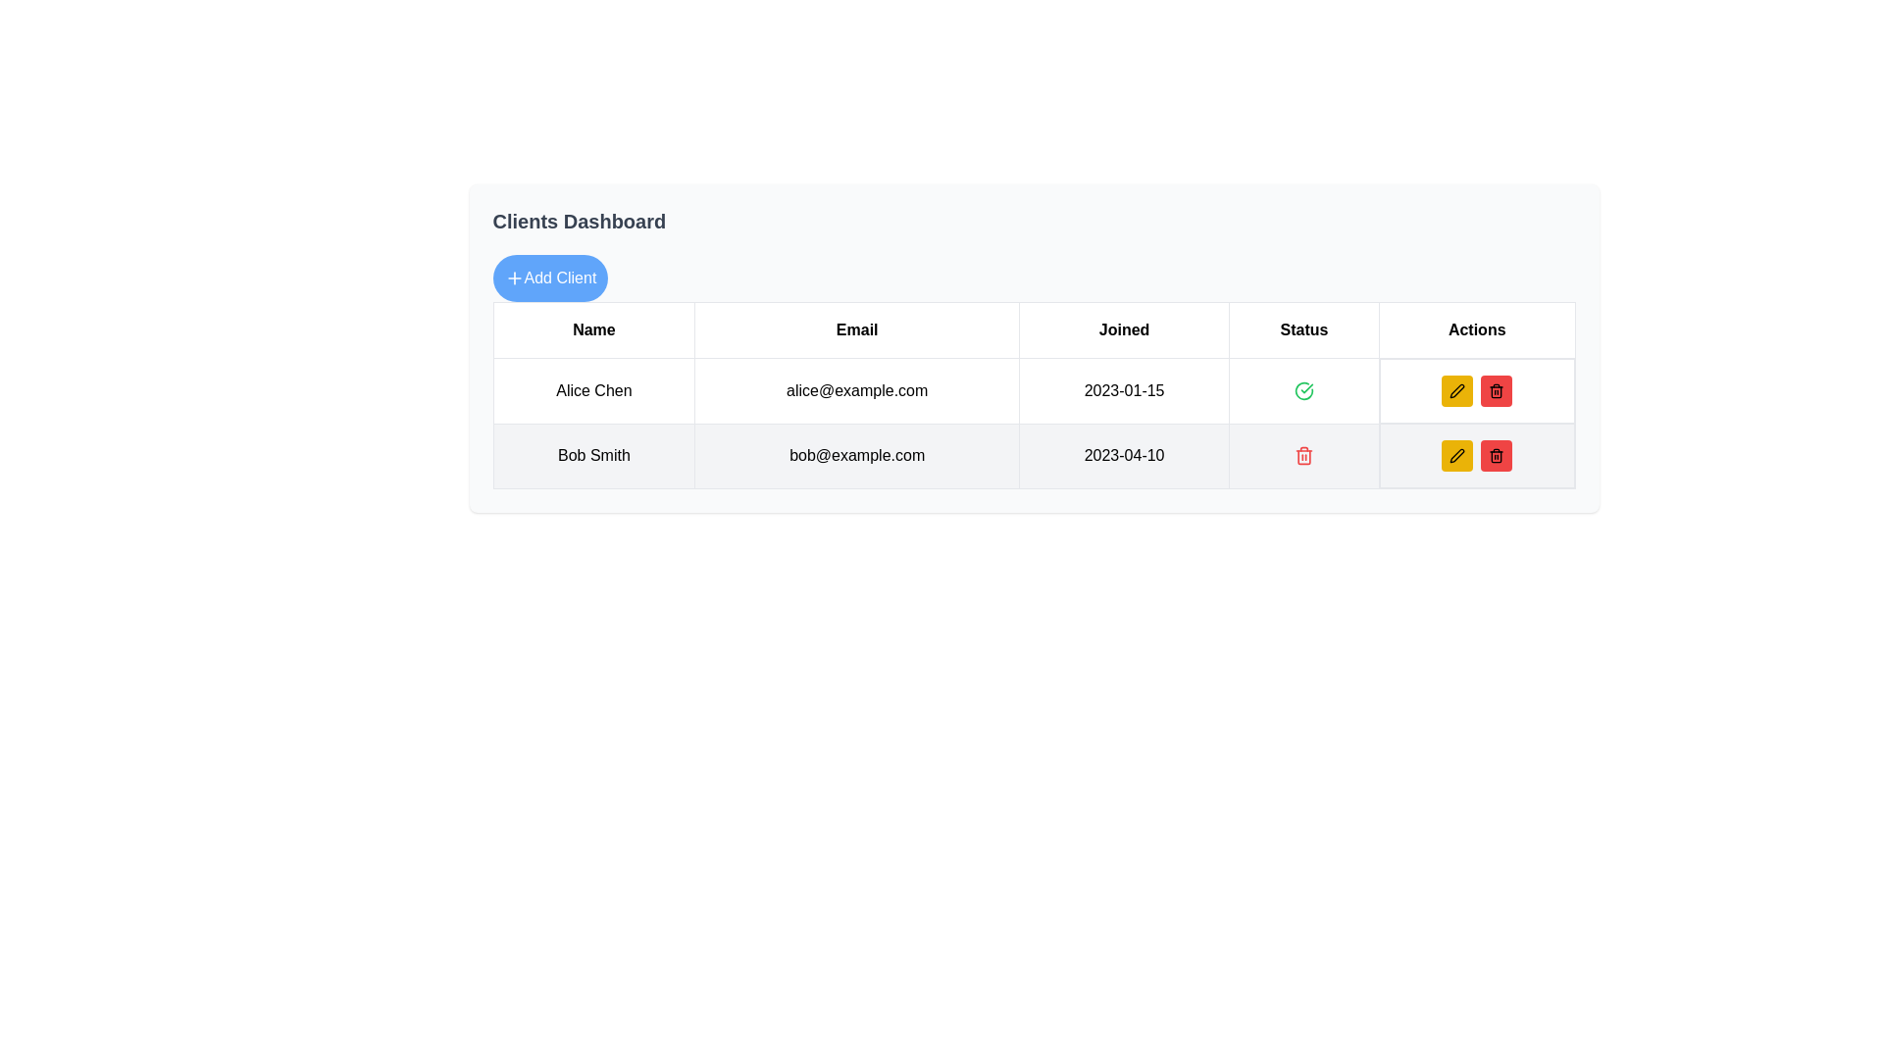 Image resolution: width=1883 pixels, height=1059 pixels. Describe the element at coordinates (1496, 456) in the screenshot. I see `the delete button in the 'Actions' column of the second row corresponding to 'Bob Smith'` at that location.